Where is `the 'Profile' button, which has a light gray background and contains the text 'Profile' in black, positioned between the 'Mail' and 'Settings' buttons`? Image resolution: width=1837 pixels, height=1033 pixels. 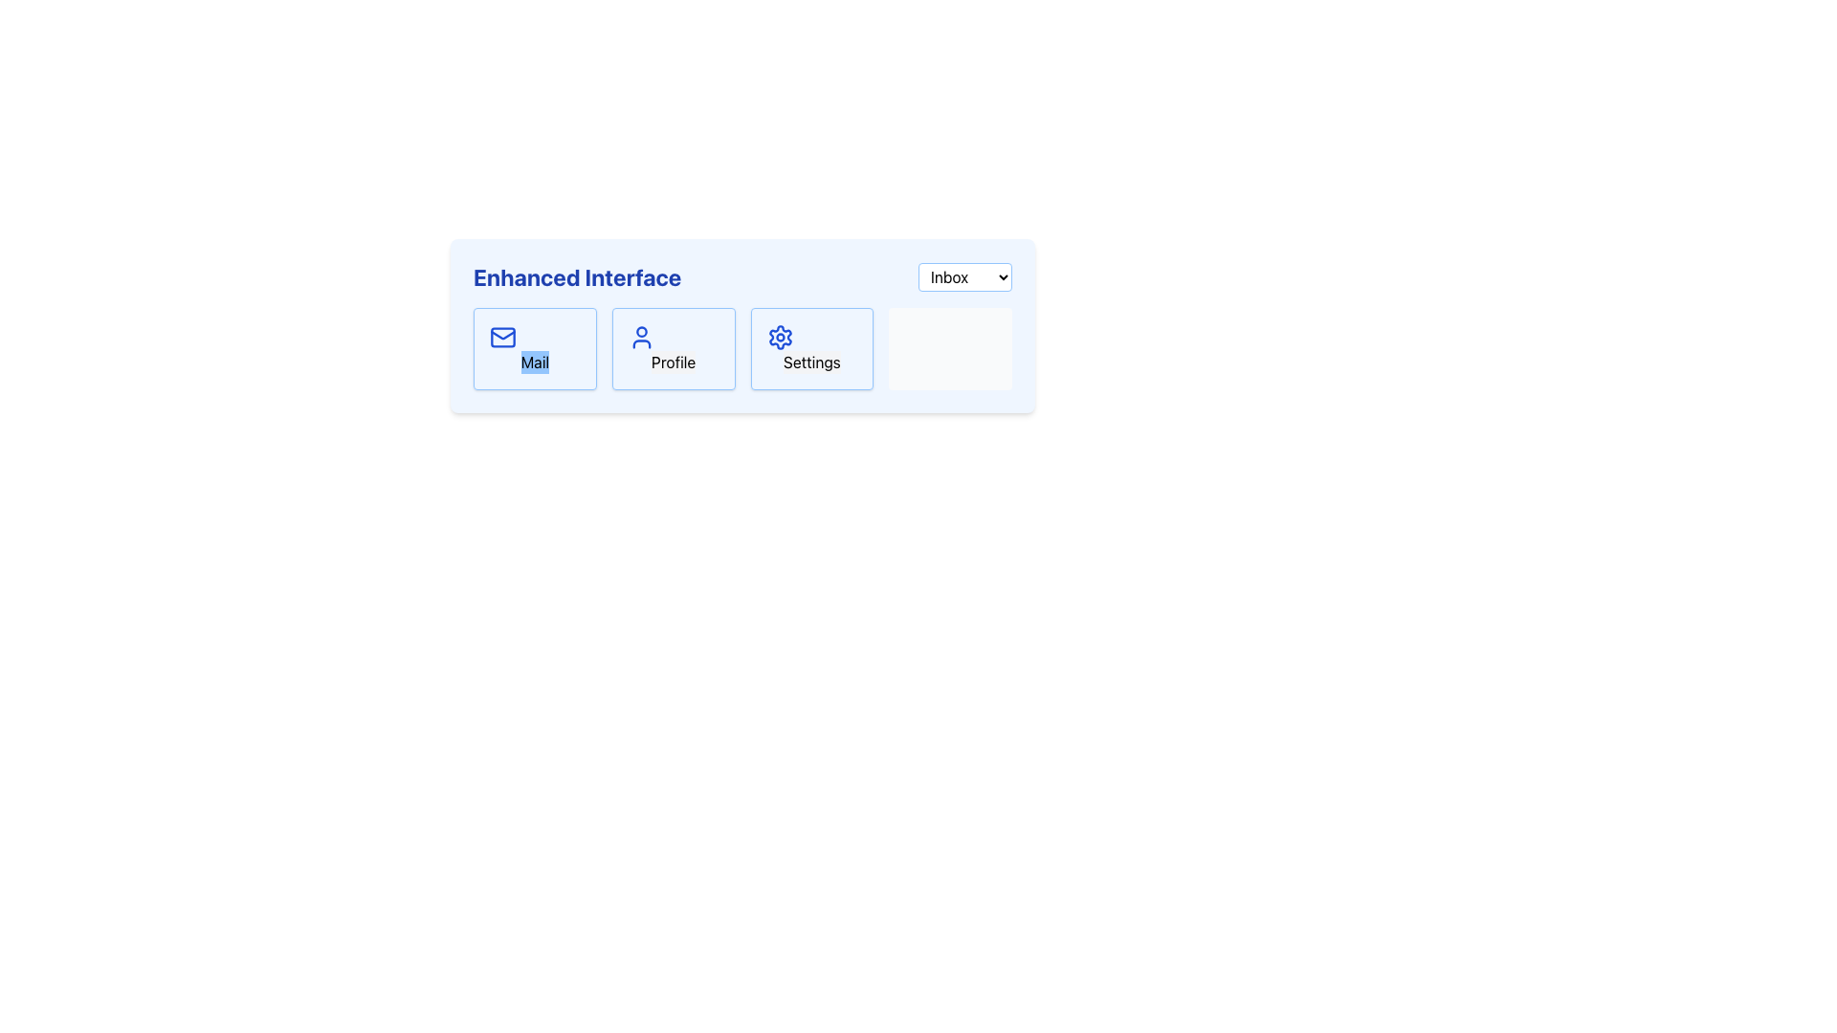 the 'Profile' button, which has a light gray background and contains the text 'Profile' in black, positioned between the 'Mail' and 'Settings' buttons is located at coordinates (674, 362).